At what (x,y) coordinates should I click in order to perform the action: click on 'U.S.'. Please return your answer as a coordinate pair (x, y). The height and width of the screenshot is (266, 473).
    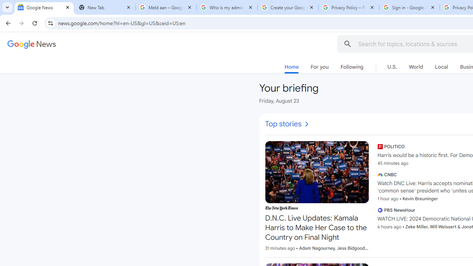
    Looking at the image, I should click on (392, 67).